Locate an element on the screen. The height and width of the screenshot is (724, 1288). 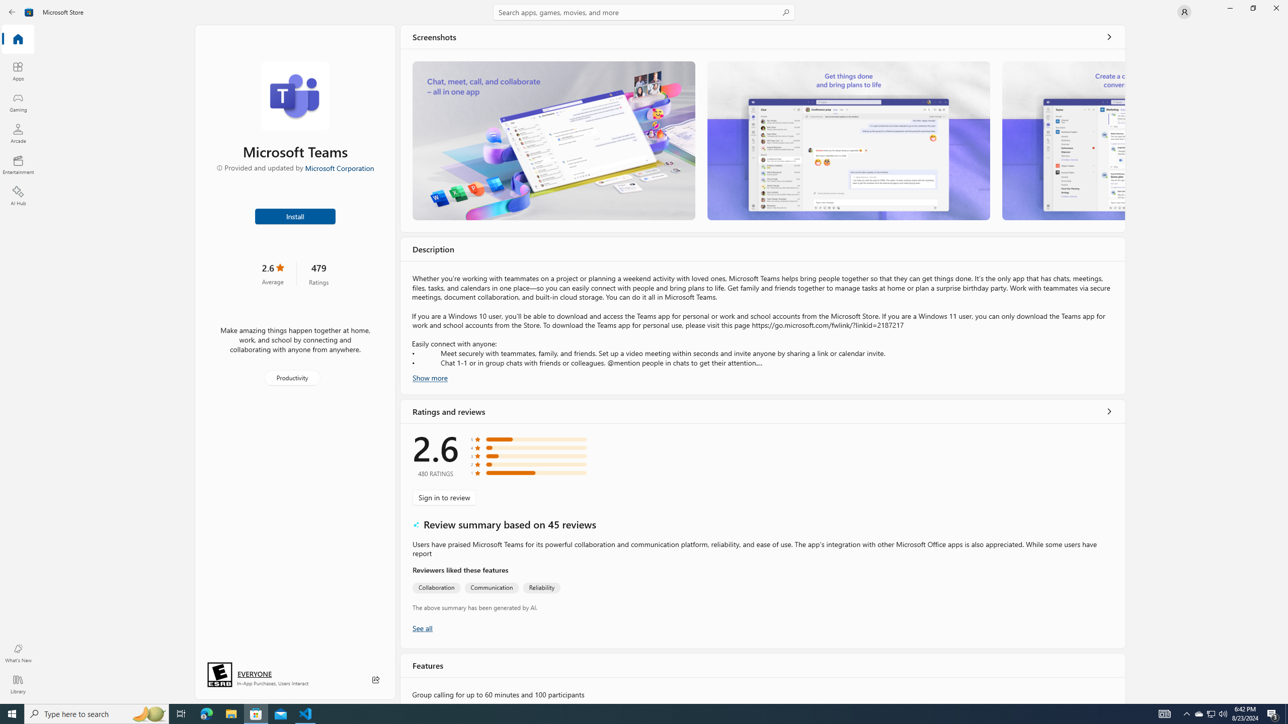
'Age rating: EVERYONE. Click for more information.' is located at coordinates (254, 674).